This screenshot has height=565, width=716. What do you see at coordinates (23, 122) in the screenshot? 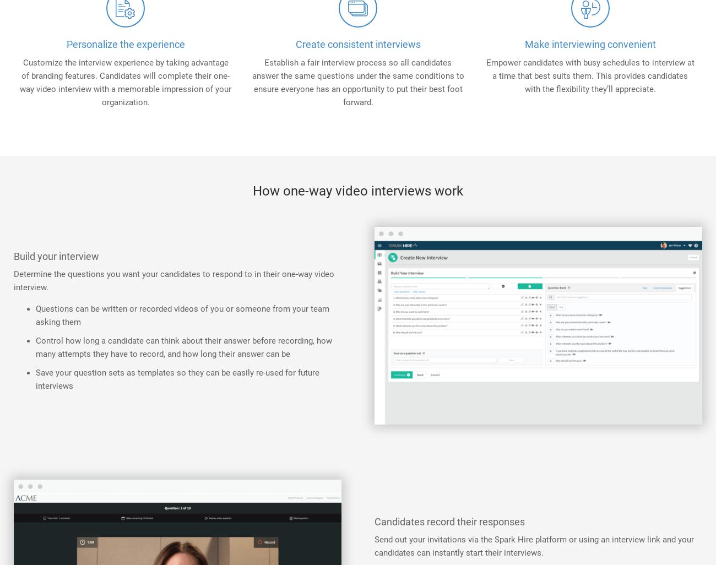
I see `'Press'` at bounding box center [23, 122].